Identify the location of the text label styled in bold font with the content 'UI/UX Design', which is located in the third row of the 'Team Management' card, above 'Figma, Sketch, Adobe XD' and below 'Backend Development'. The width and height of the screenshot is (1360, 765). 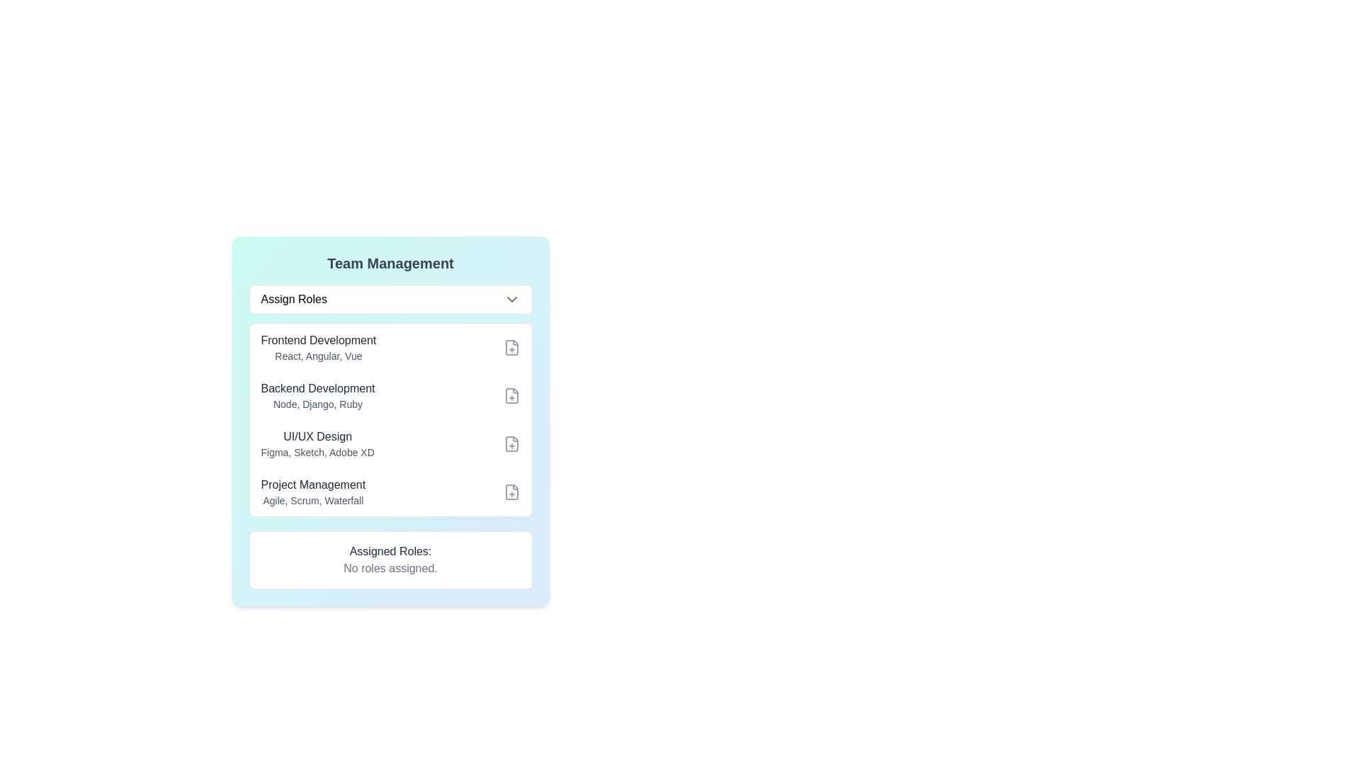
(317, 436).